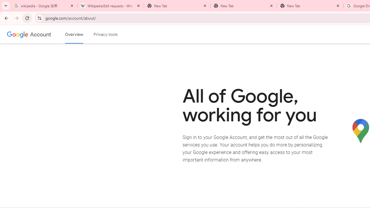 The height and width of the screenshot is (208, 370). What do you see at coordinates (18, 34) in the screenshot?
I see `'Google logo'` at bounding box center [18, 34].